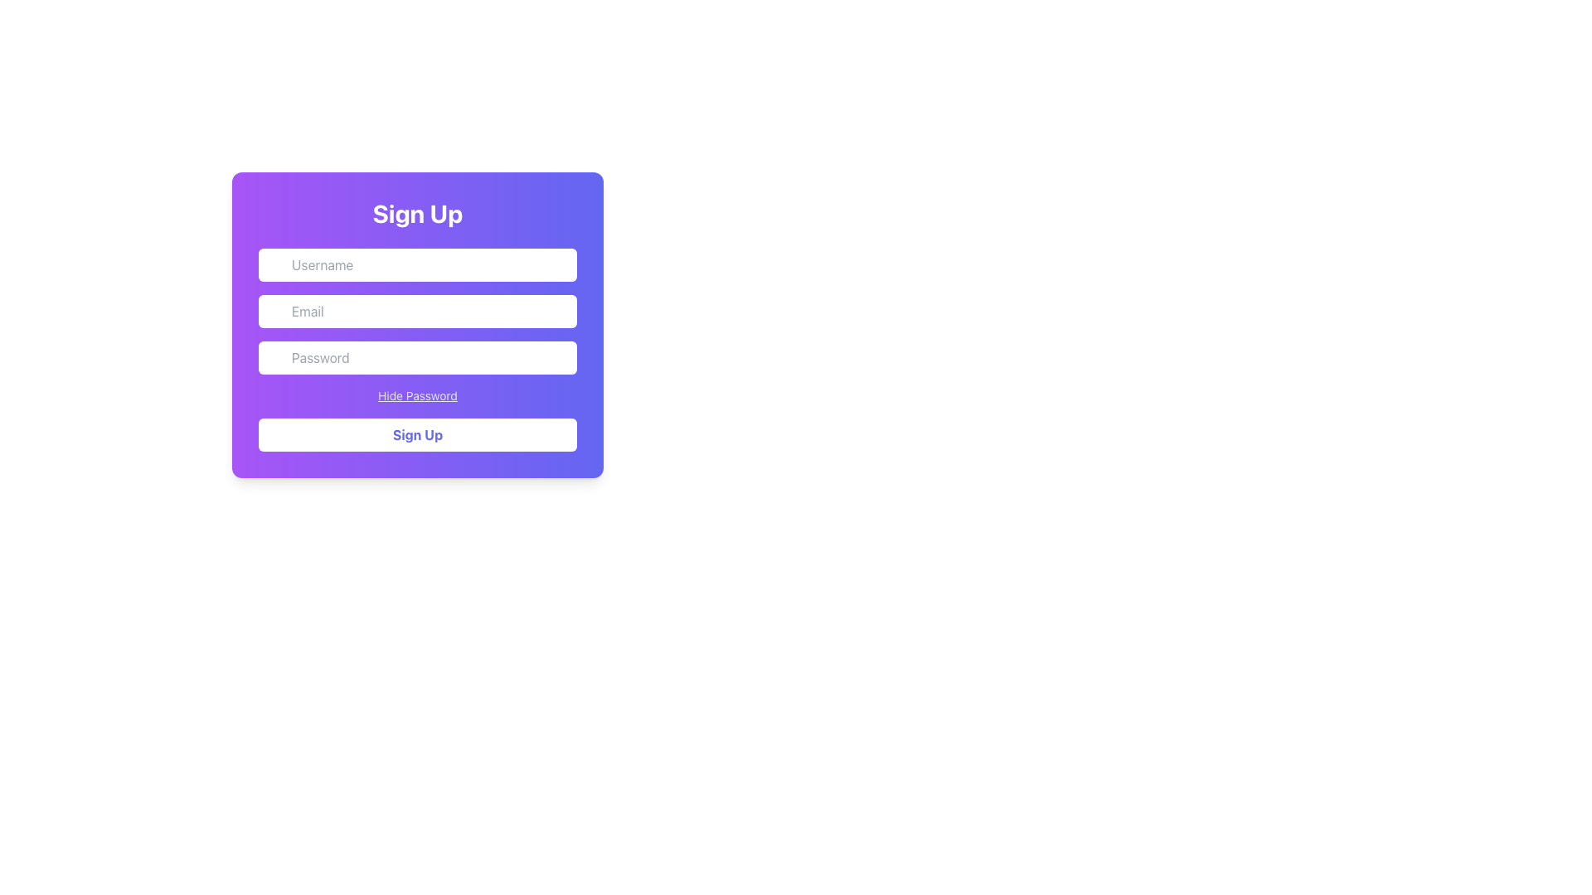  What do you see at coordinates (418, 213) in the screenshot?
I see `the Text header that summarizes the purpose of the user registration form` at bounding box center [418, 213].